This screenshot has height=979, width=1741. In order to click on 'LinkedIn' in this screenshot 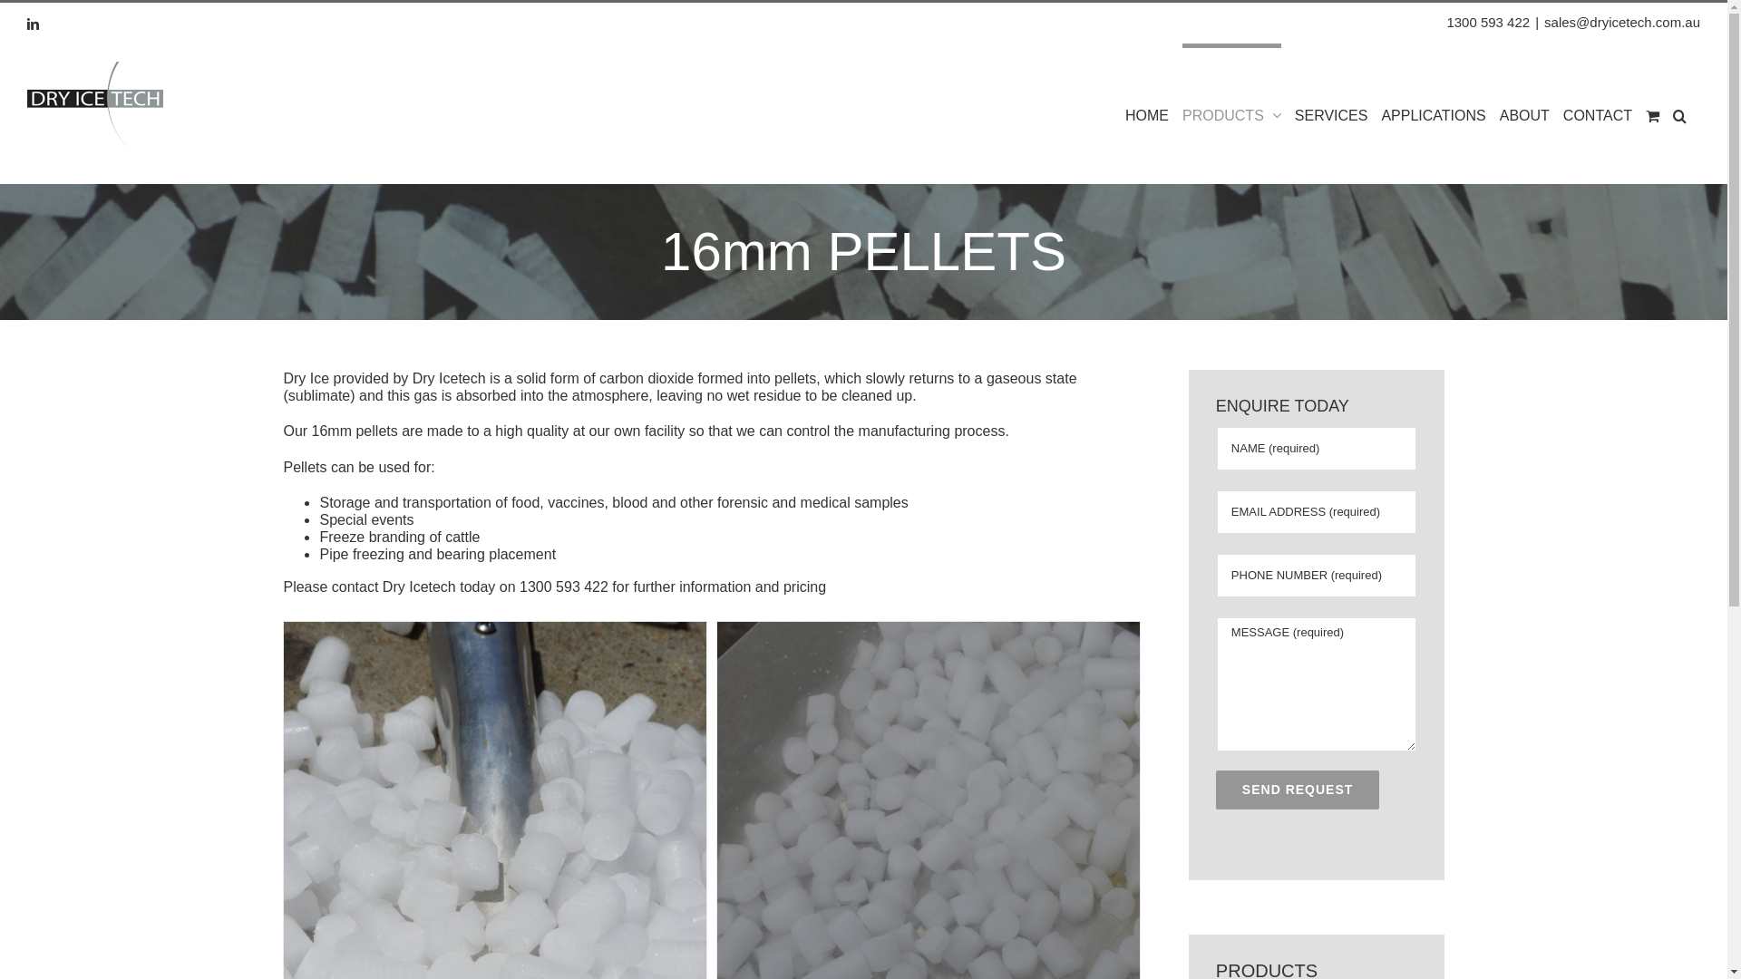, I will do `click(26, 24)`.